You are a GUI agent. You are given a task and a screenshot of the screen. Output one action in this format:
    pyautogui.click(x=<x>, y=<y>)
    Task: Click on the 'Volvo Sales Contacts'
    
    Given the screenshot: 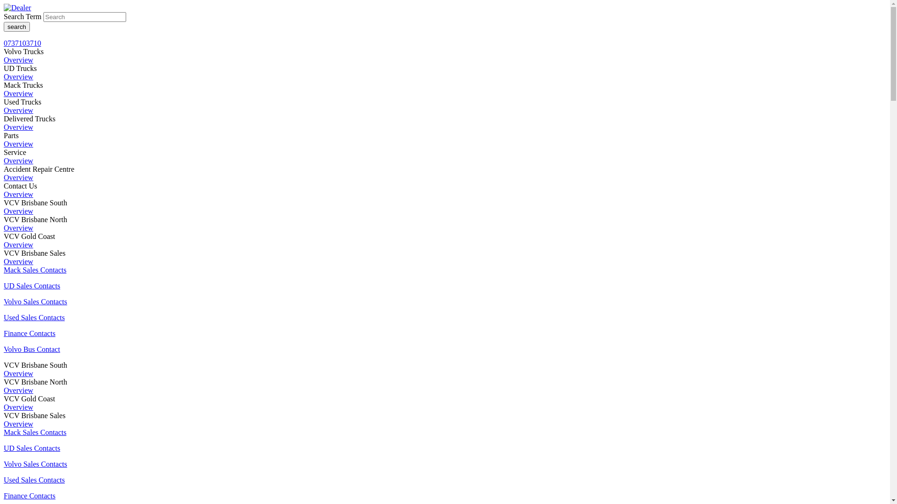 What is the action you would take?
    pyautogui.click(x=36, y=464)
    